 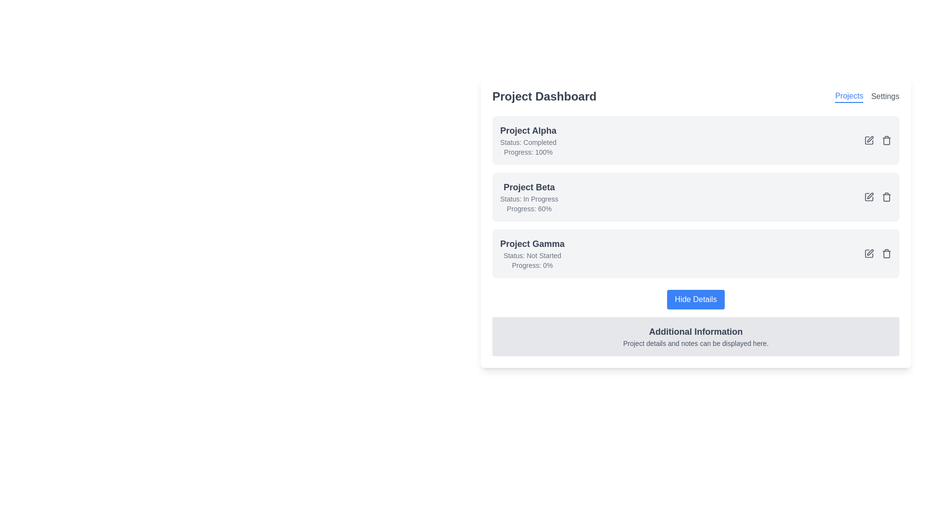 What do you see at coordinates (887, 253) in the screenshot?
I see `the delete button icon located to the right of the 'Project Gamma' entry` at bounding box center [887, 253].